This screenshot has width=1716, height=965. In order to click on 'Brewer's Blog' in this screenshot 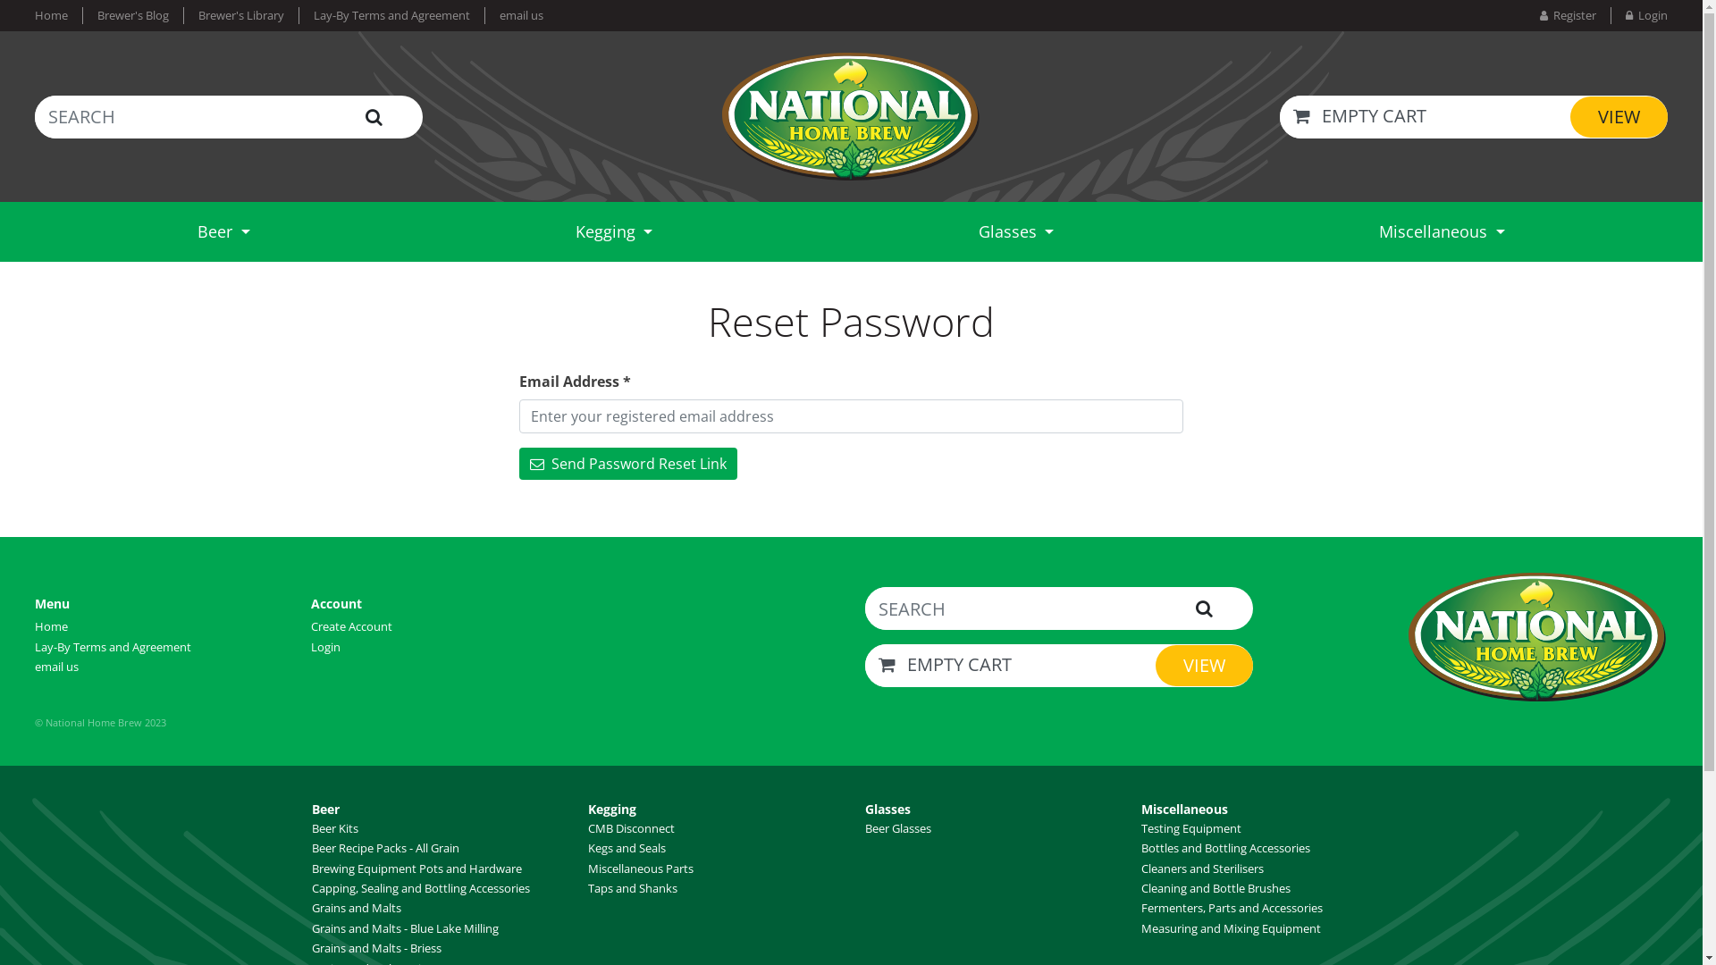, I will do `click(80, 15)`.